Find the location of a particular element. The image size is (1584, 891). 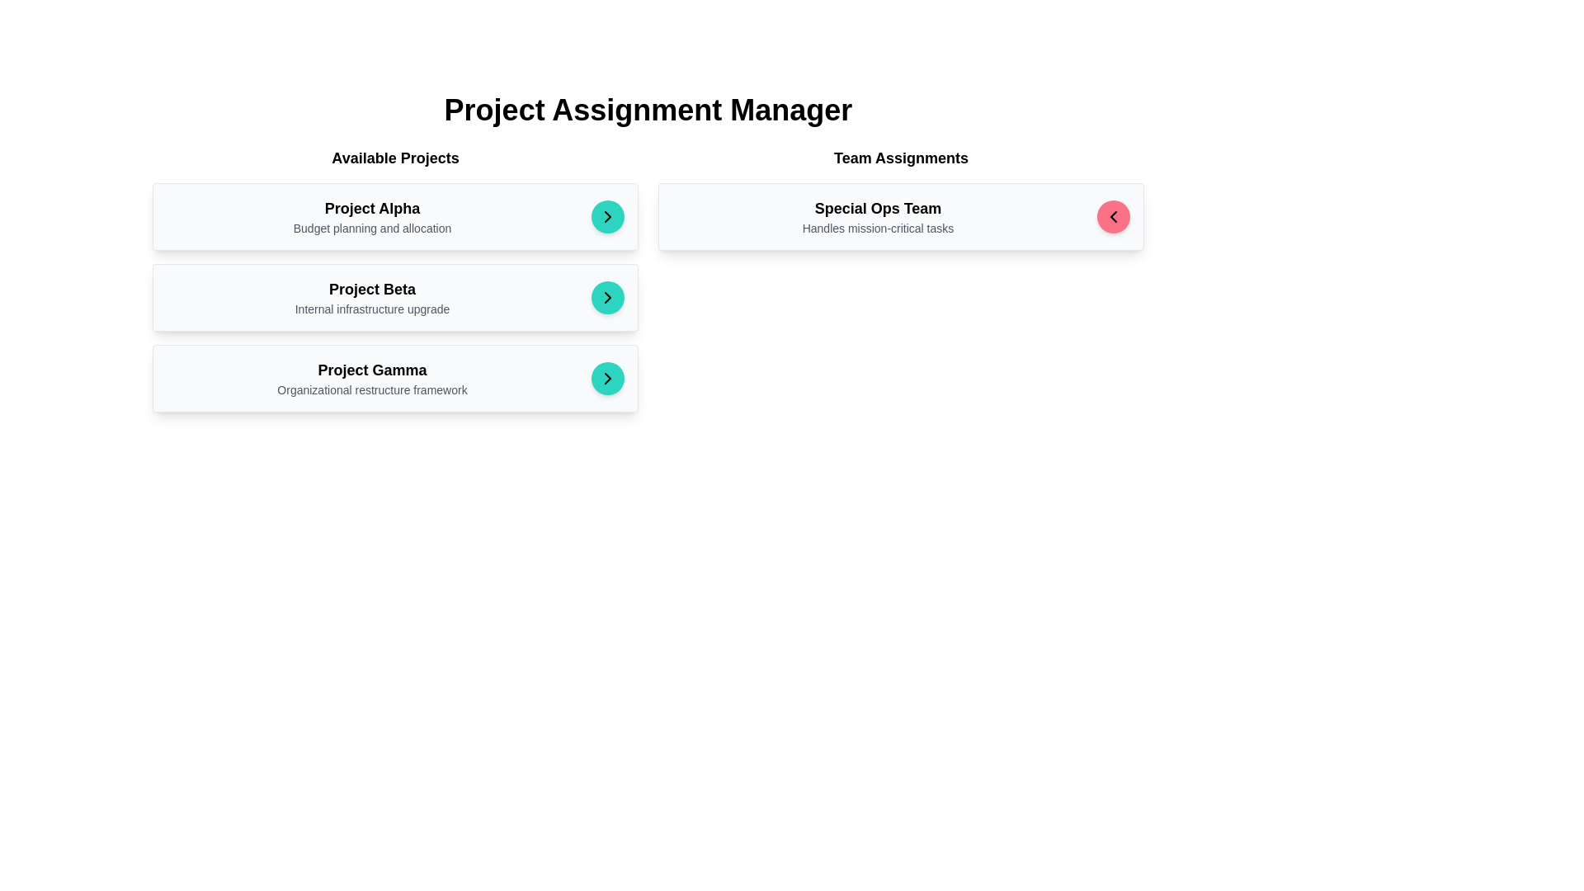

the interactive icon located at the far right corner of the 'Project Gamma' card in the 'Available Projects' section is located at coordinates (607, 298).